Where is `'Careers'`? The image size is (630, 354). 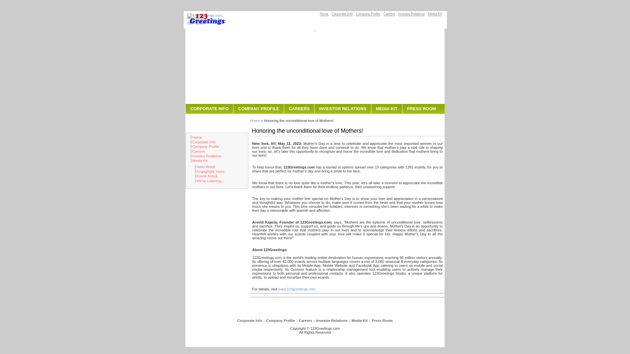
'Careers' is located at coordinates (198, 151).